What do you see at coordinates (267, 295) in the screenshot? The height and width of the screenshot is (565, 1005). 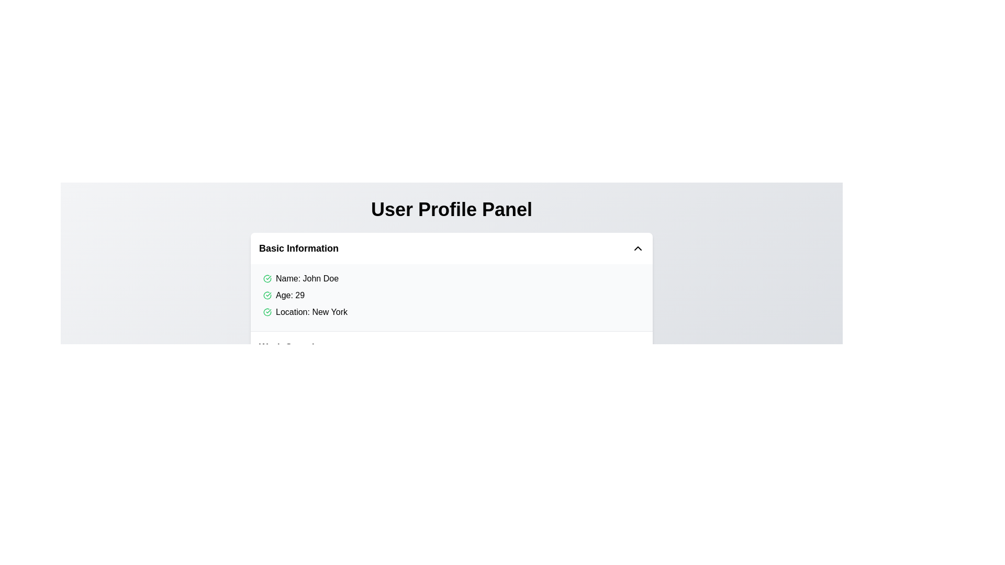 I see `green circular checkmark icon within the SVG in the 'Basic Information' section for modification` at bounding box center [267, 295].